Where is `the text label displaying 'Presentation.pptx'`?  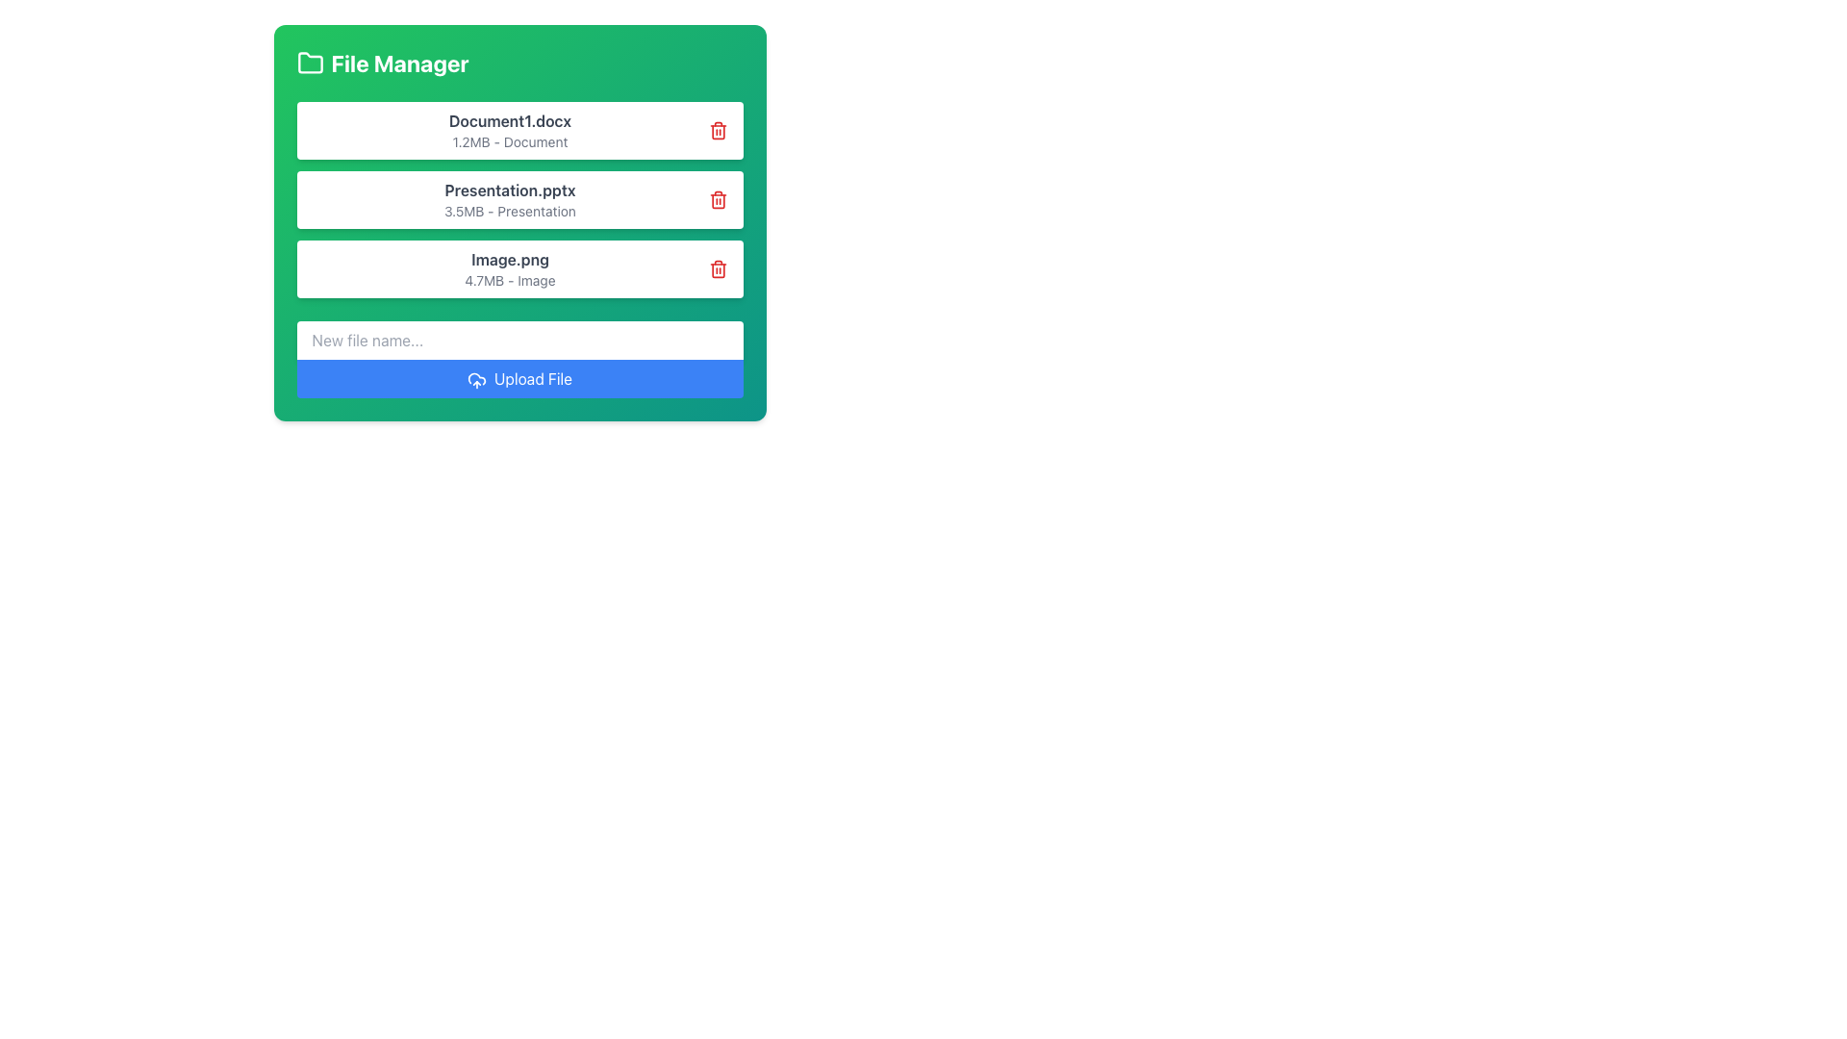
the text label displaying 'Presentation.pptx' is located at coordinates (510, 200).